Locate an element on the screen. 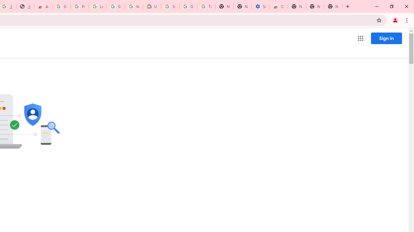 This screenshot has height=232, width=414. 'Who are Google' is located at coordinates (134, 6).